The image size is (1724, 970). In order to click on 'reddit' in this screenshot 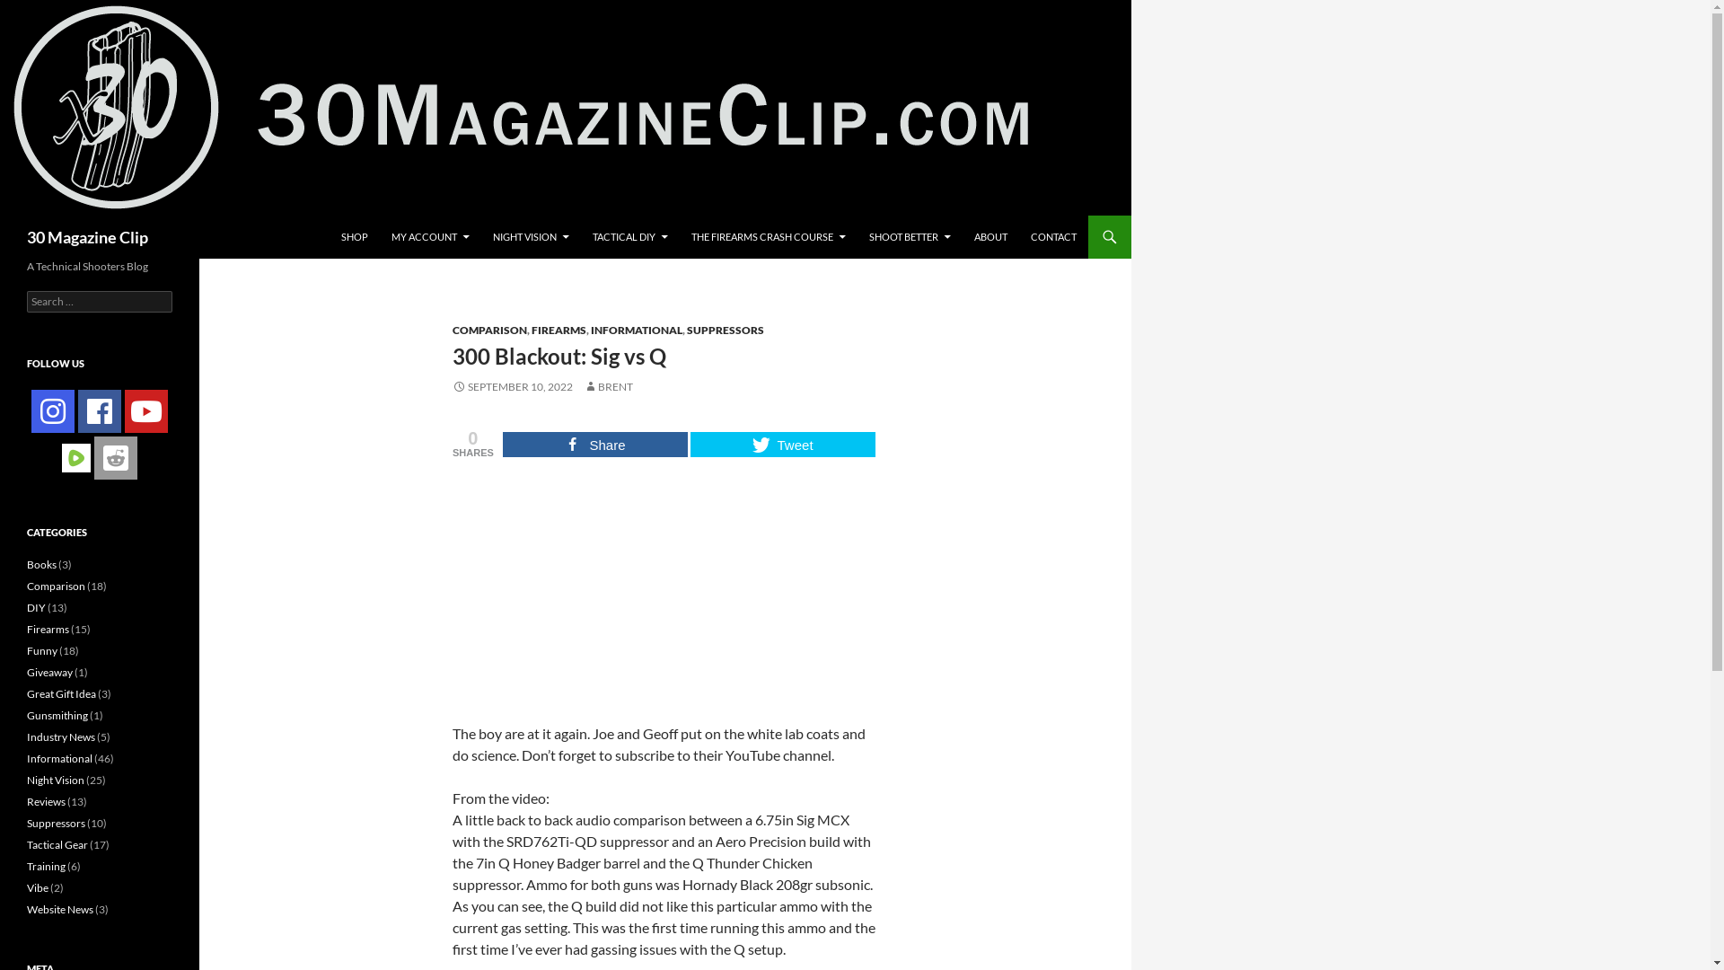, I will do `click(115, 456)`.